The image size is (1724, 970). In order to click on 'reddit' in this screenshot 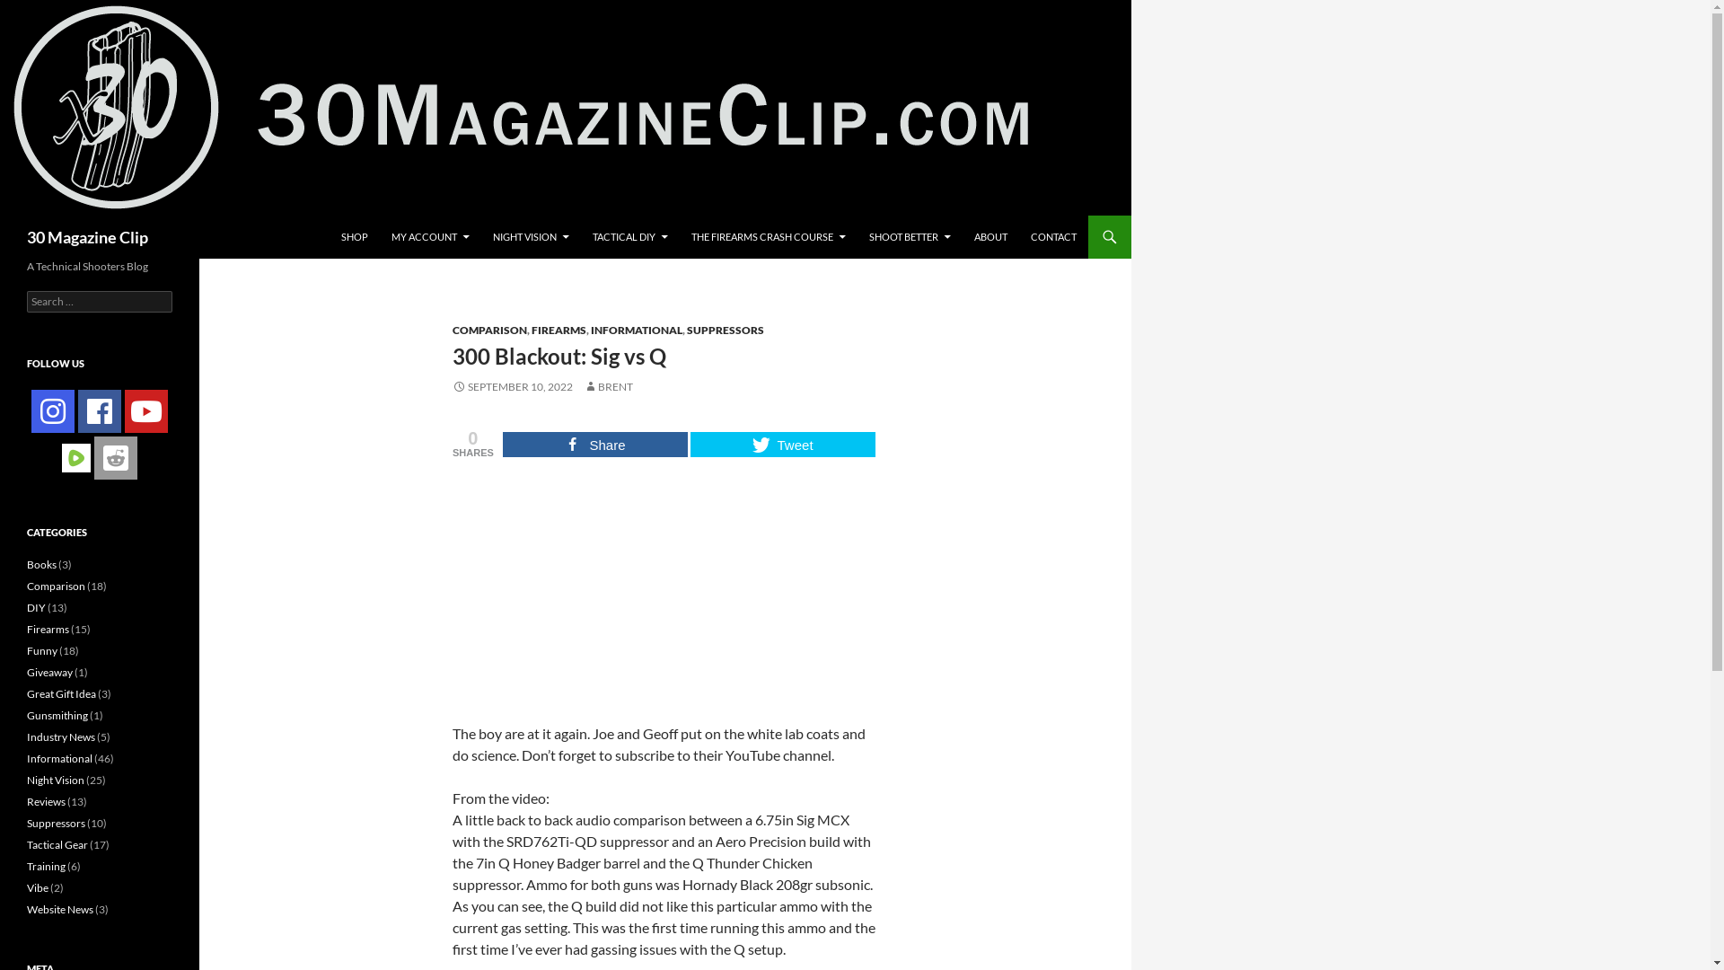, I will do `click(115, 456)`.